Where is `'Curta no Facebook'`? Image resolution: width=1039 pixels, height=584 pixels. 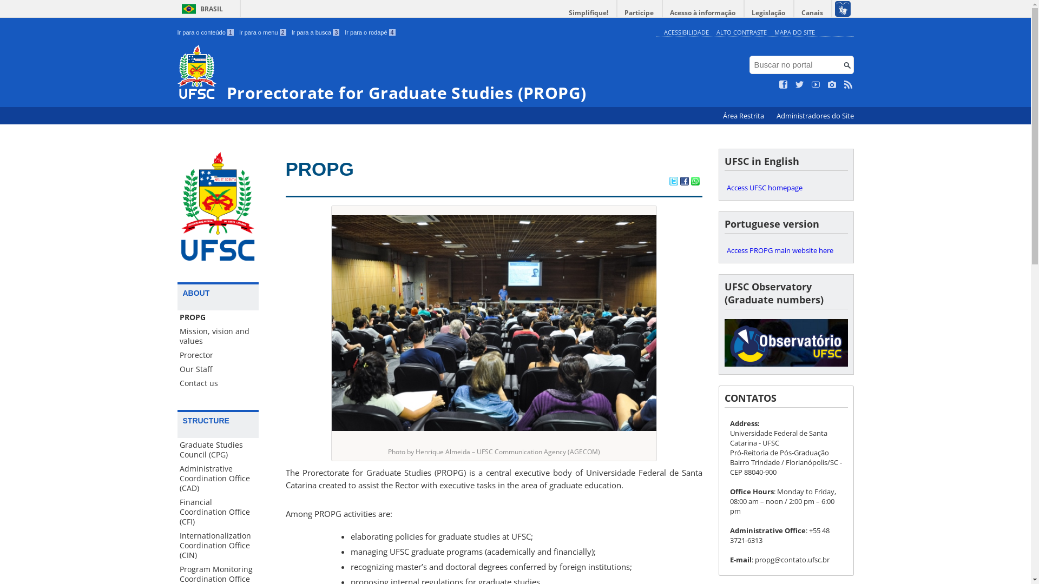 'Curta no Facebook' is located at coordinates (784, 84).